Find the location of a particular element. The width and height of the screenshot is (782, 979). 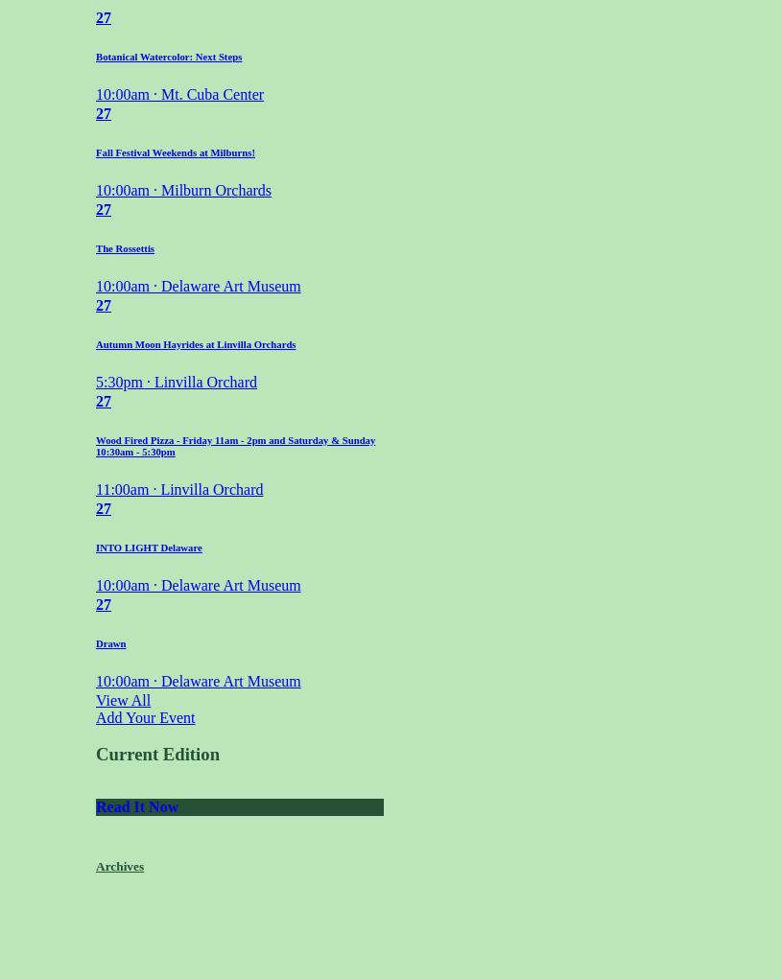

'Read It Now' is located at coordinates (137, 806).